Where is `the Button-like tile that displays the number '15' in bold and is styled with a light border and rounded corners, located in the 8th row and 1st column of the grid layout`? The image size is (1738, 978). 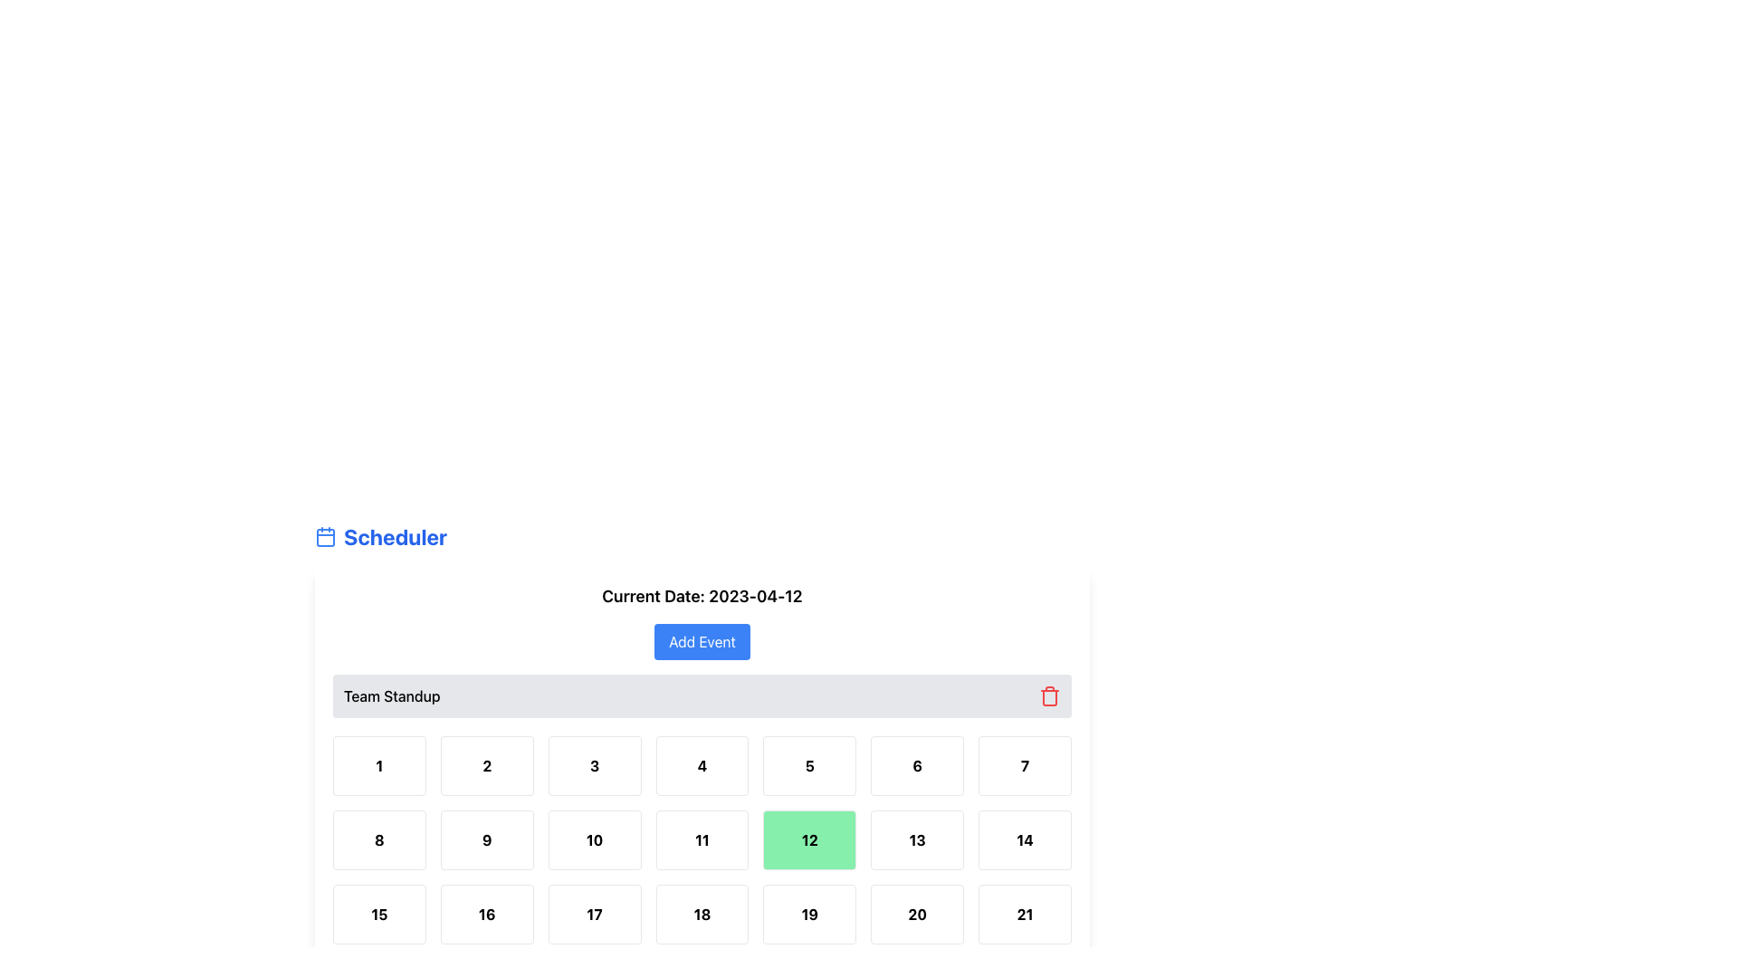 the Button-like tile that displays the number '15' in bold and is styled with a light border and rounded corners, located in the 8th row and 1st column of the grid layout is located at coordinates (378, 915).